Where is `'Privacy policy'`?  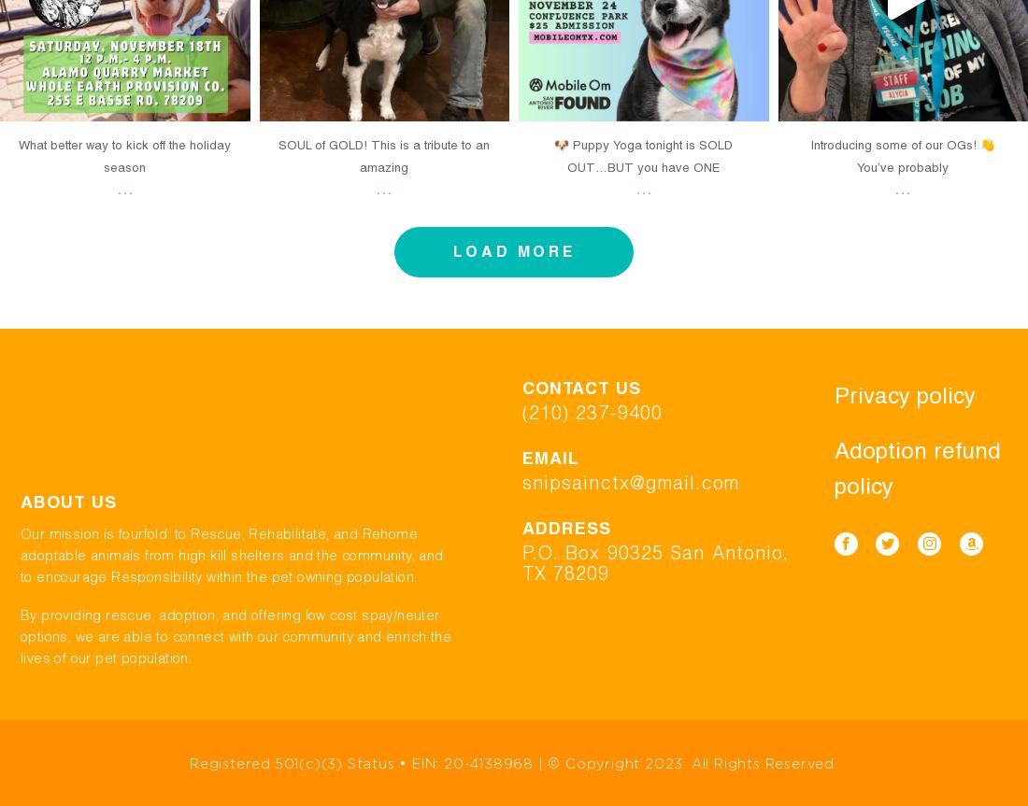 'Privacy policy' is located at coordinates (903, 395).